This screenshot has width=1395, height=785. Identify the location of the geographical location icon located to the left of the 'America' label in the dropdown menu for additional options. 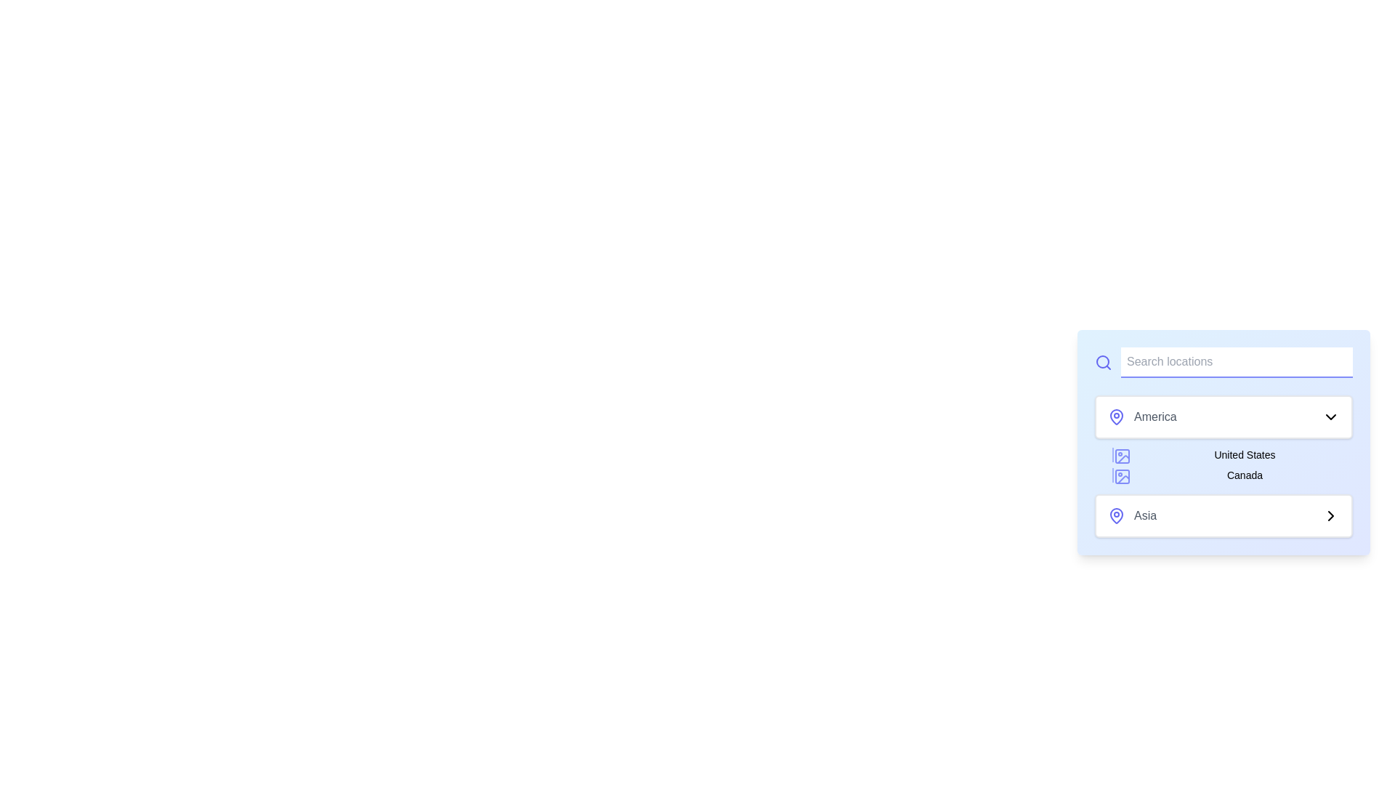
(1115, 417).